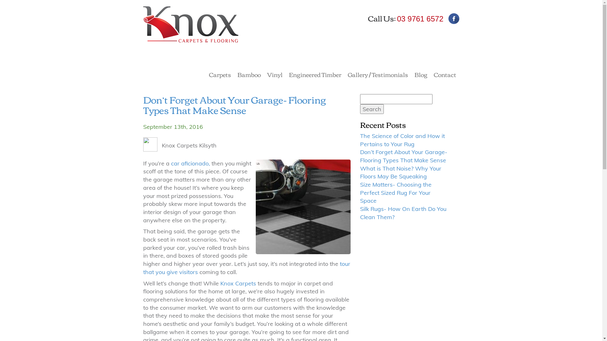 This screenshot has width=607, height=341. Describe the element at coordinates (420, 75) in the screenshot. I see `'Blog'` at that location.